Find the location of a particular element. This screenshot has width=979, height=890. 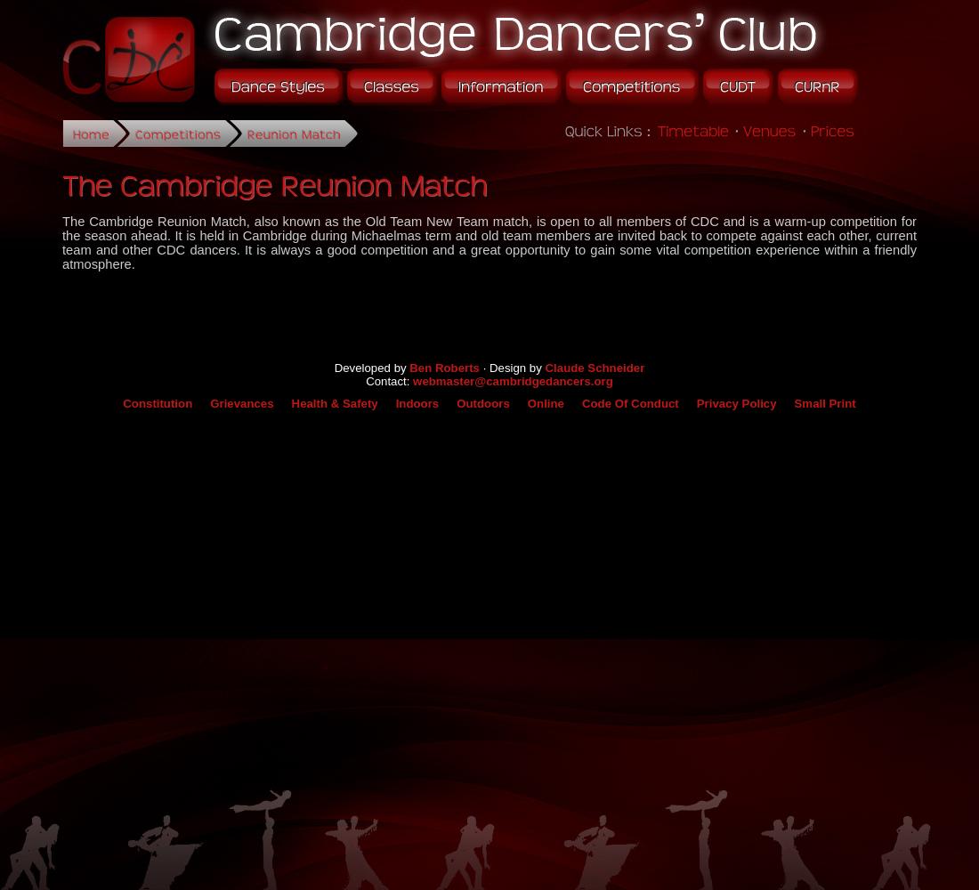

'Privacy Policy' is located at coordinates (734, 401).